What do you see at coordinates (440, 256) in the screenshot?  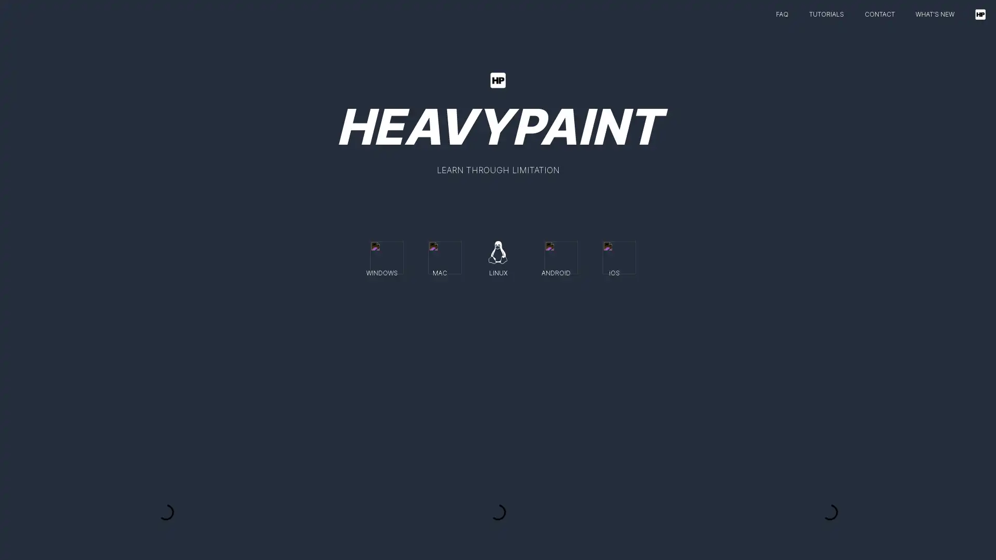 I see `MAC` at bounding box center [440, 256].